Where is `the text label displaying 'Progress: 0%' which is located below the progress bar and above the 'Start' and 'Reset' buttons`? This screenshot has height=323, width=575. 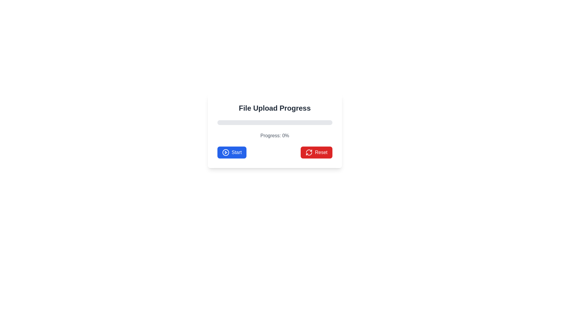
the text label displaying 'Progress: 0%' which is located below the progress bar and above the 'Start' and 'Reset' buttons is located at coordinates (274, 136).